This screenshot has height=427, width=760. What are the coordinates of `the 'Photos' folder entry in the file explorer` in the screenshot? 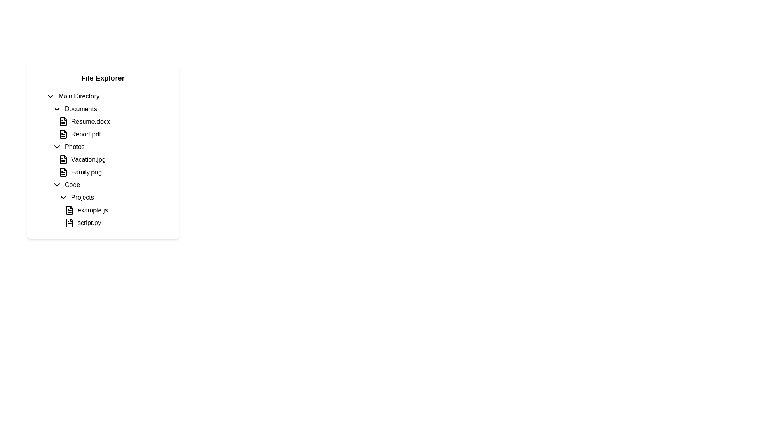 It's located at (108, 147).